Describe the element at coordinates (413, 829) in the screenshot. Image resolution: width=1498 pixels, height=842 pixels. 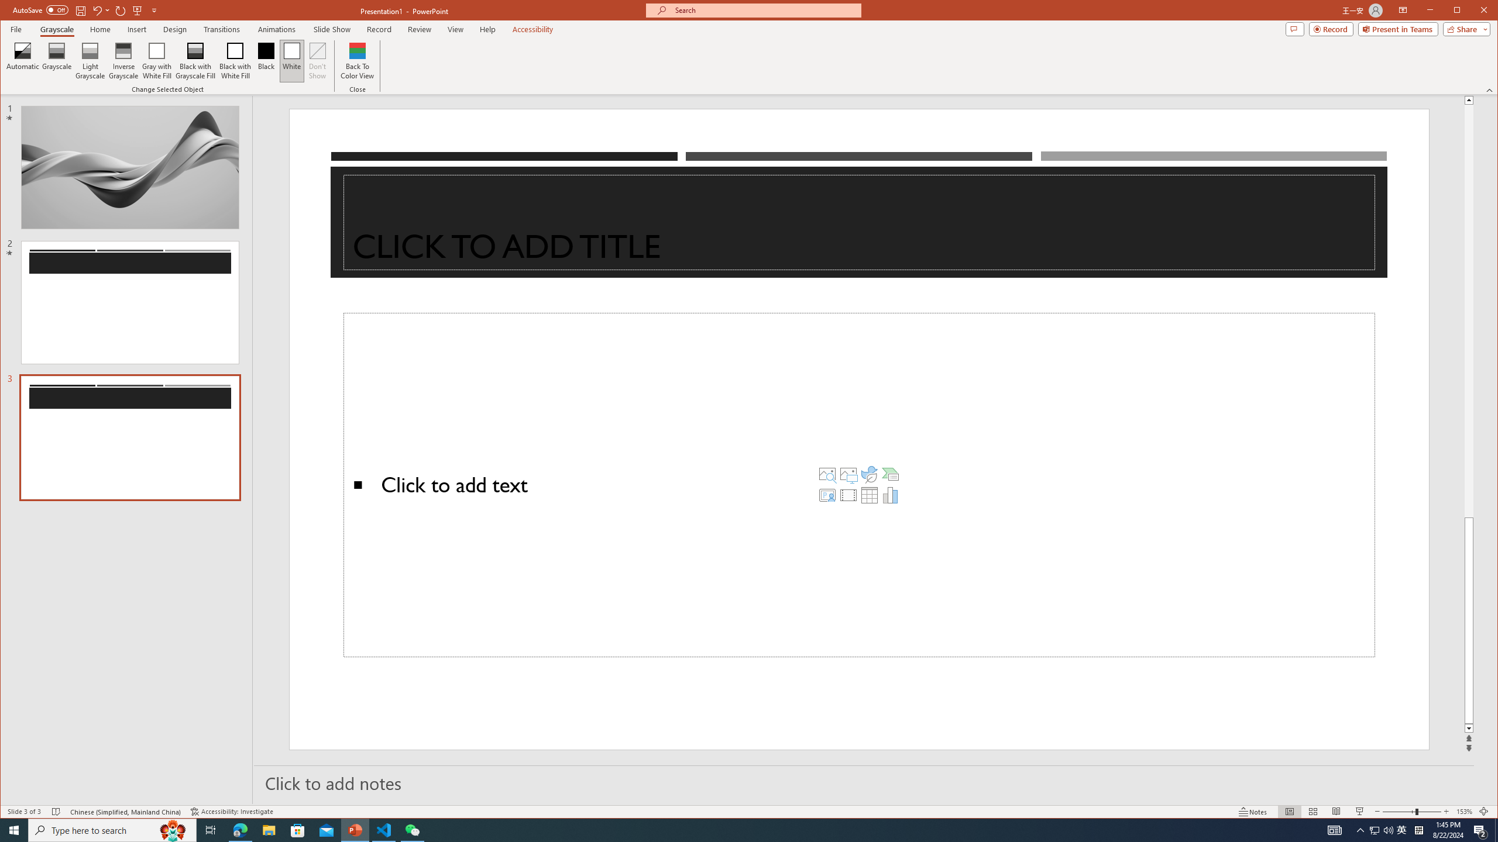
I see `'WeChat - 1 running window'` at that location.